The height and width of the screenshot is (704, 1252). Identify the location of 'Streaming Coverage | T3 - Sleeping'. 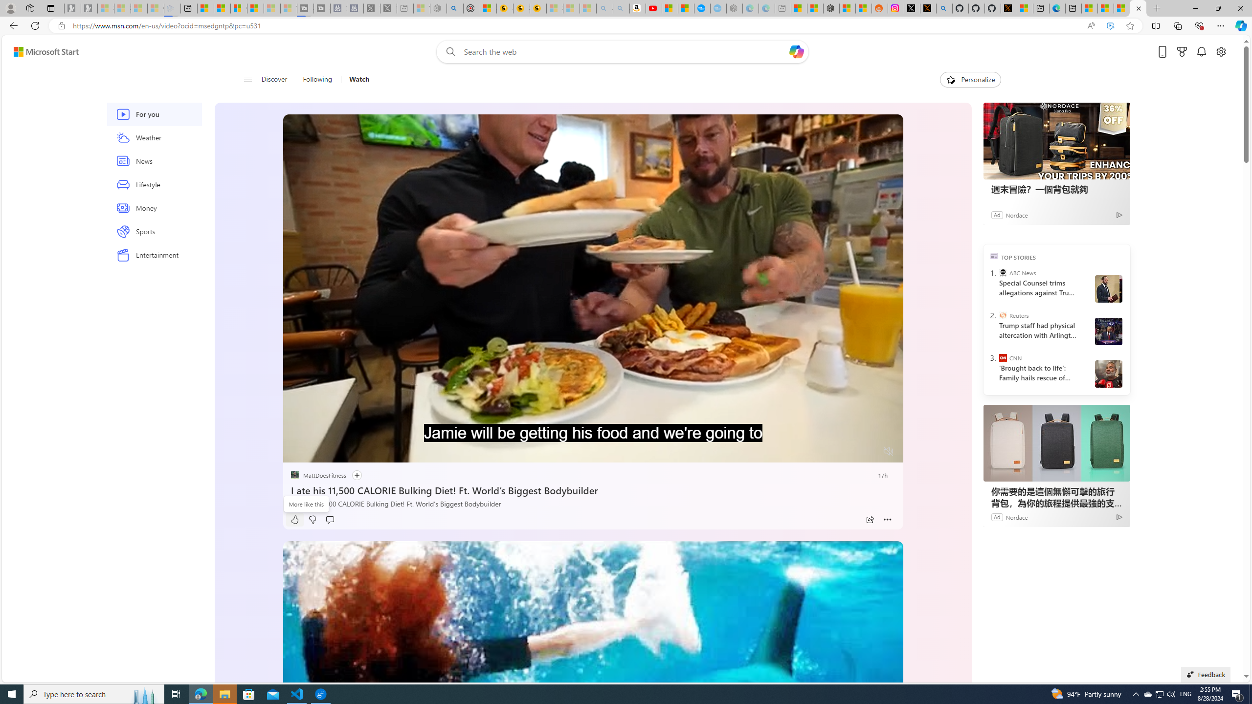
(305, 8).